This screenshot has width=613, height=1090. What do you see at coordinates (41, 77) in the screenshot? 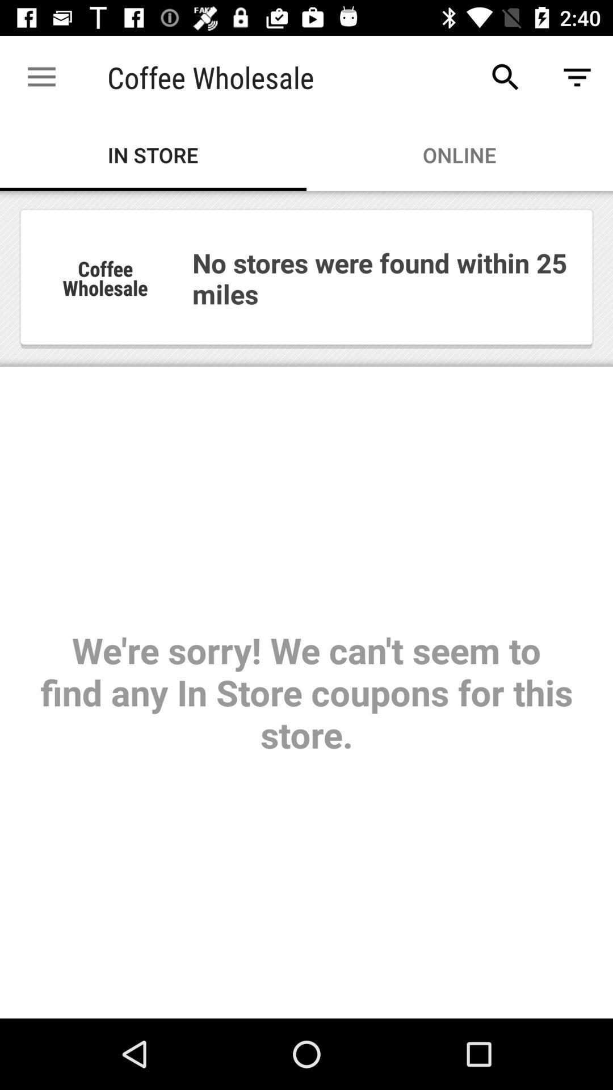
I see `icon to the left of coffee wholesale app` at bounding box center [41, 77].